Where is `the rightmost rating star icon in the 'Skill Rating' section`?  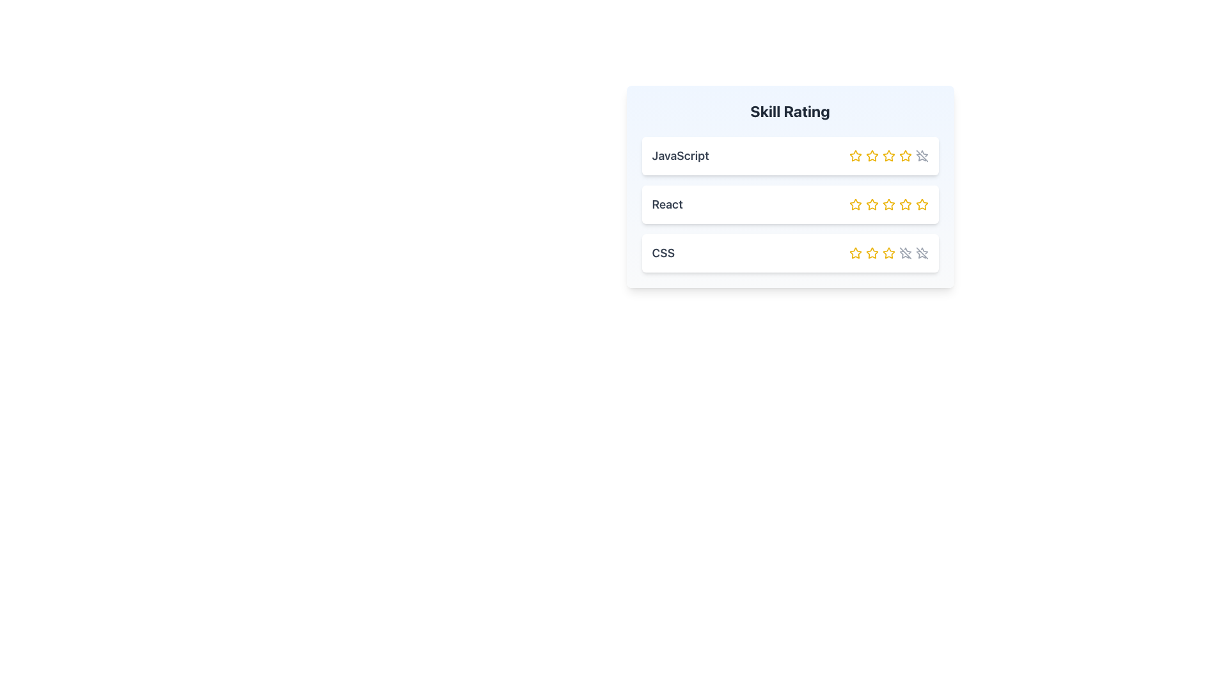
the rightmost rating star icon in the 'Skill Rating' section is located at coordinates (922, 155).